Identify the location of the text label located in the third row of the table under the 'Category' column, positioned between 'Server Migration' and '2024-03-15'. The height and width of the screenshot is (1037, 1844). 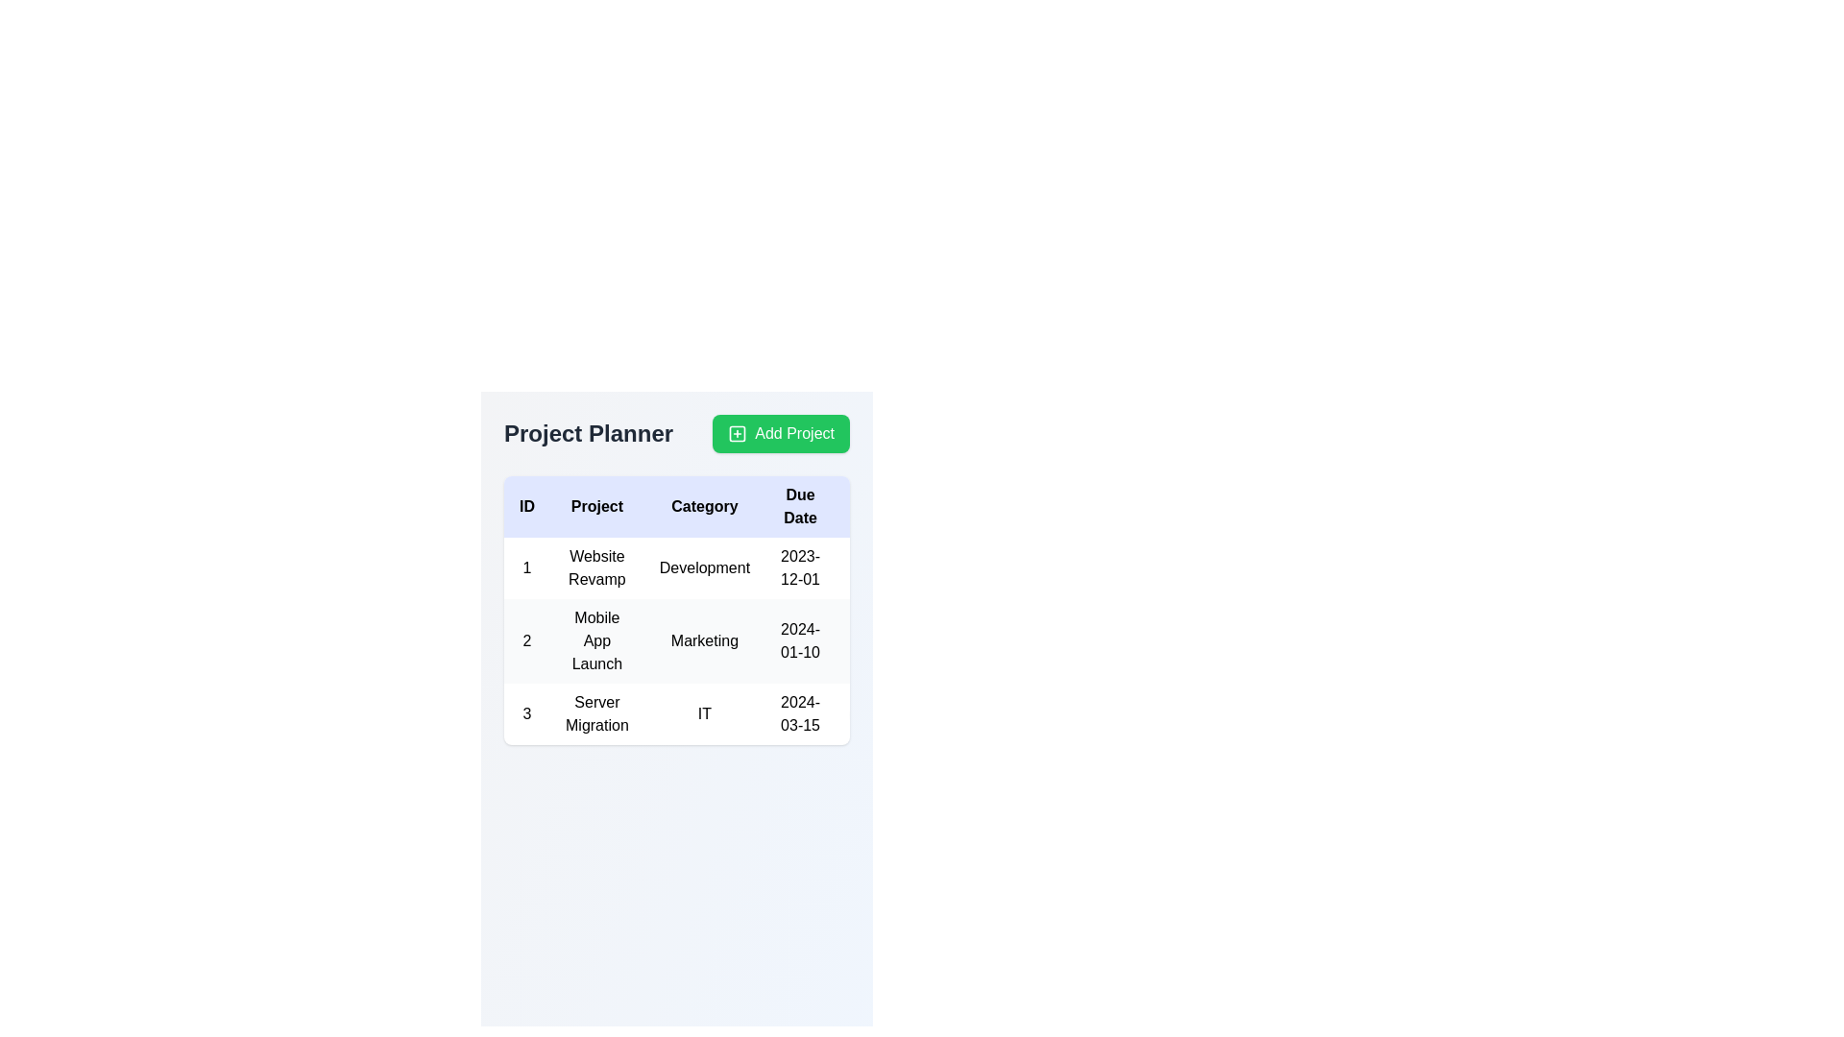
(704, 714).